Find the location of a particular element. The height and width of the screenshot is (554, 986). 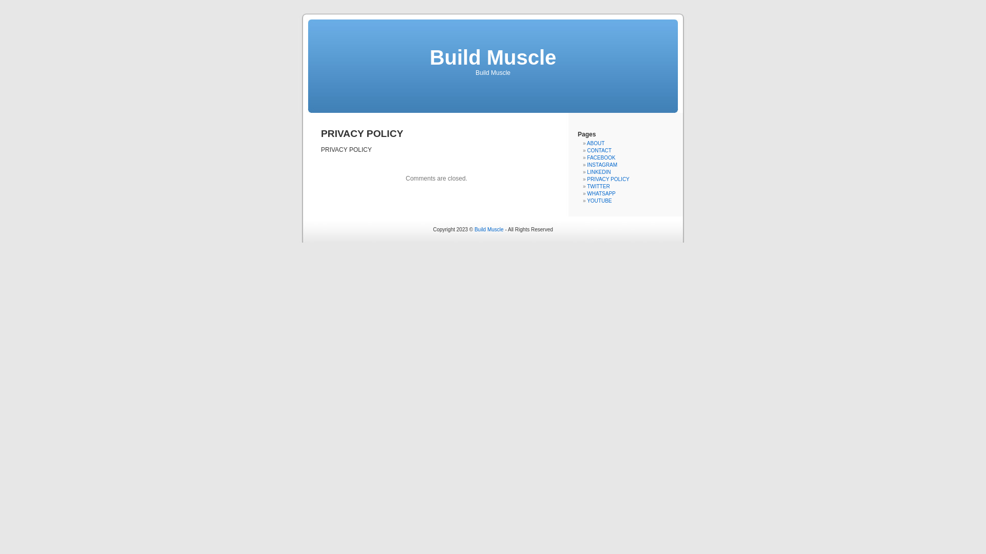

'Build Muscle' is located at coordinates (493, 57).